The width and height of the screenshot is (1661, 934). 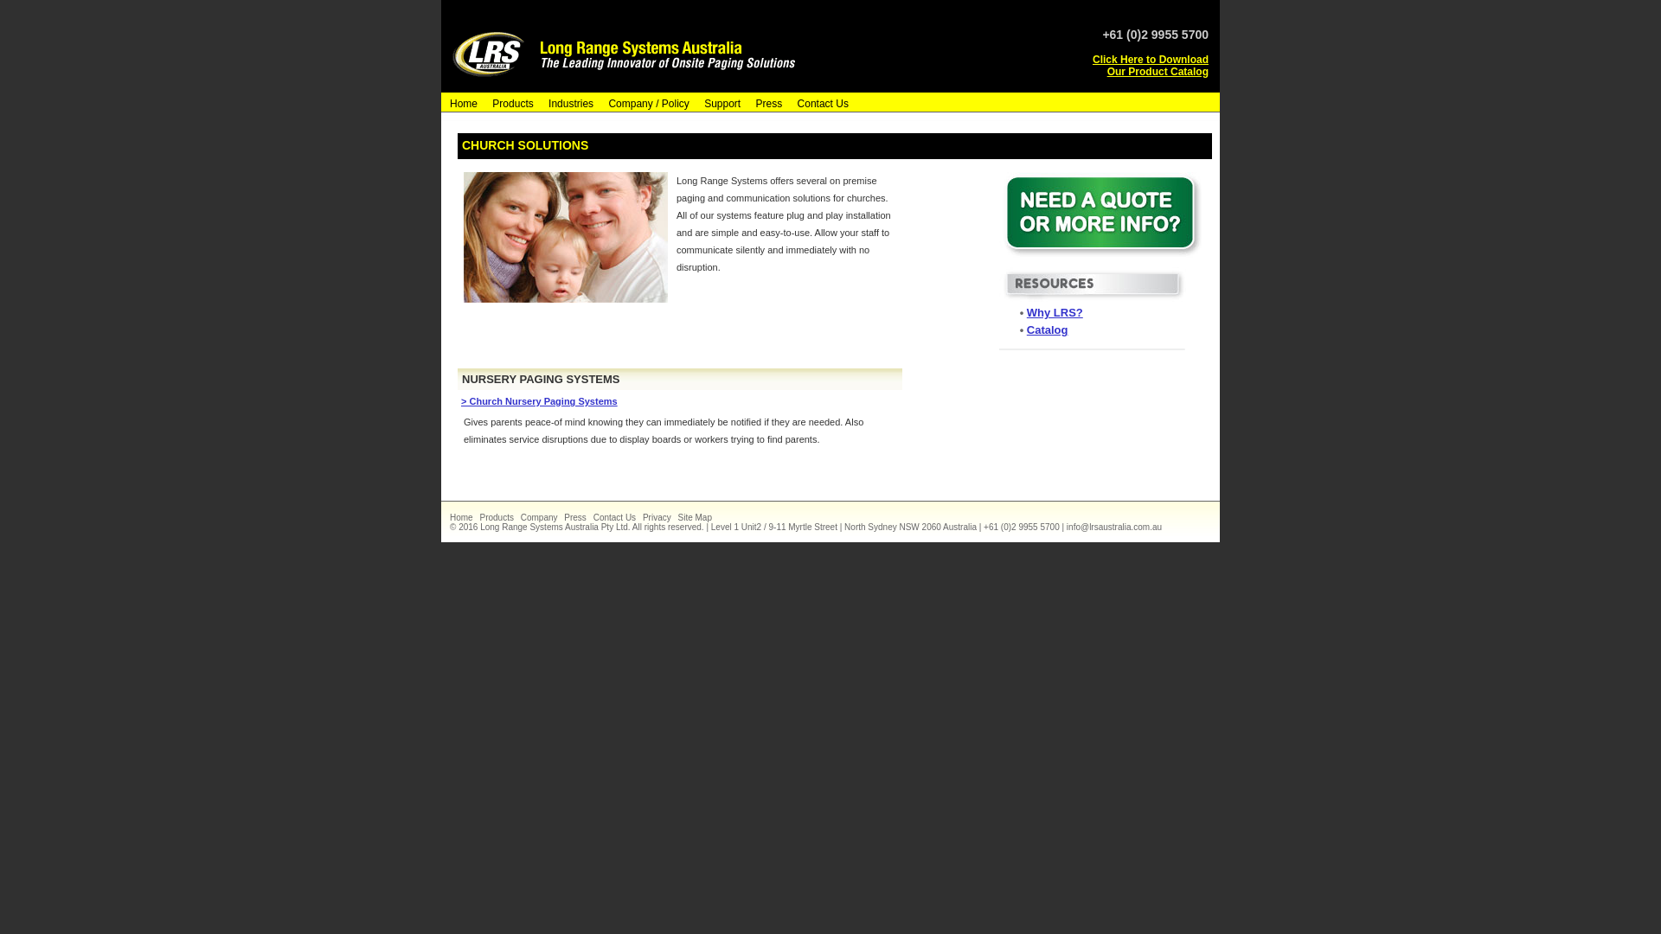 What do you see at coordinates (577, 515) in the screenshot?
I see `'Press'` at bounding box center [577, 515].